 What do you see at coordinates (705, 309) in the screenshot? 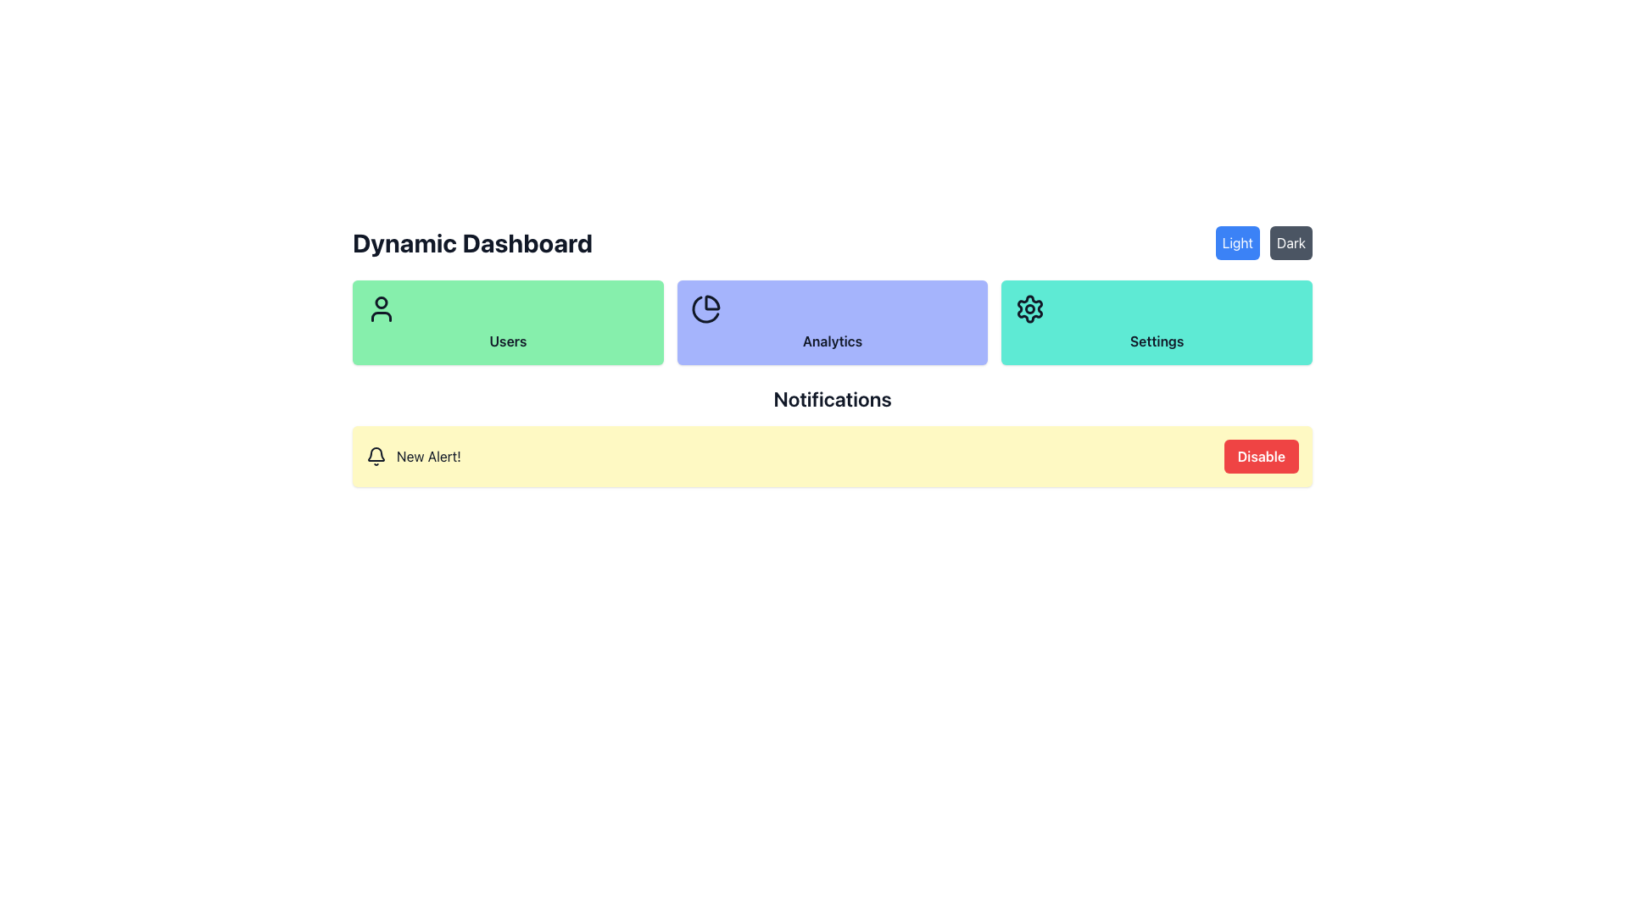
I see `the smaller right-hand segment of the pie chart icon, which is located within the blue background of the 'Analytics' section` at bounding box center [705, 309].